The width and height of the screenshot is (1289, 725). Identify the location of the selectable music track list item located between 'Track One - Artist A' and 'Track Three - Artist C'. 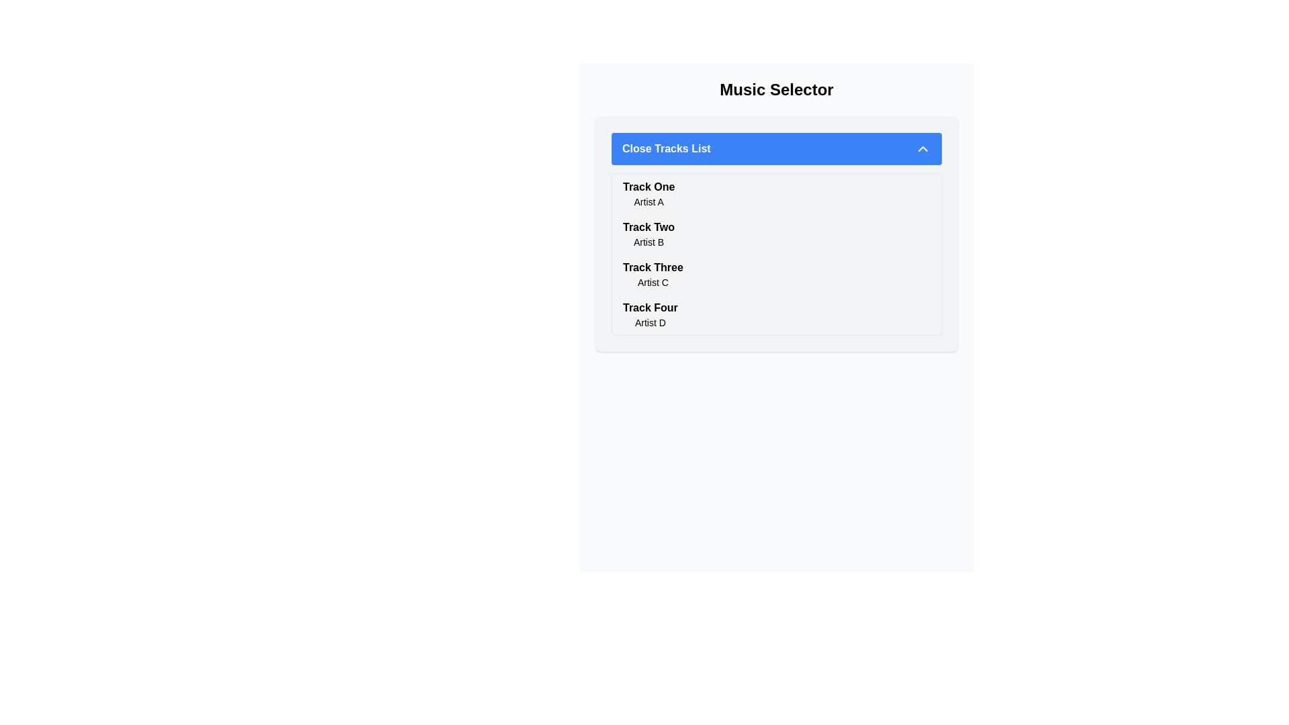
(649, 233).